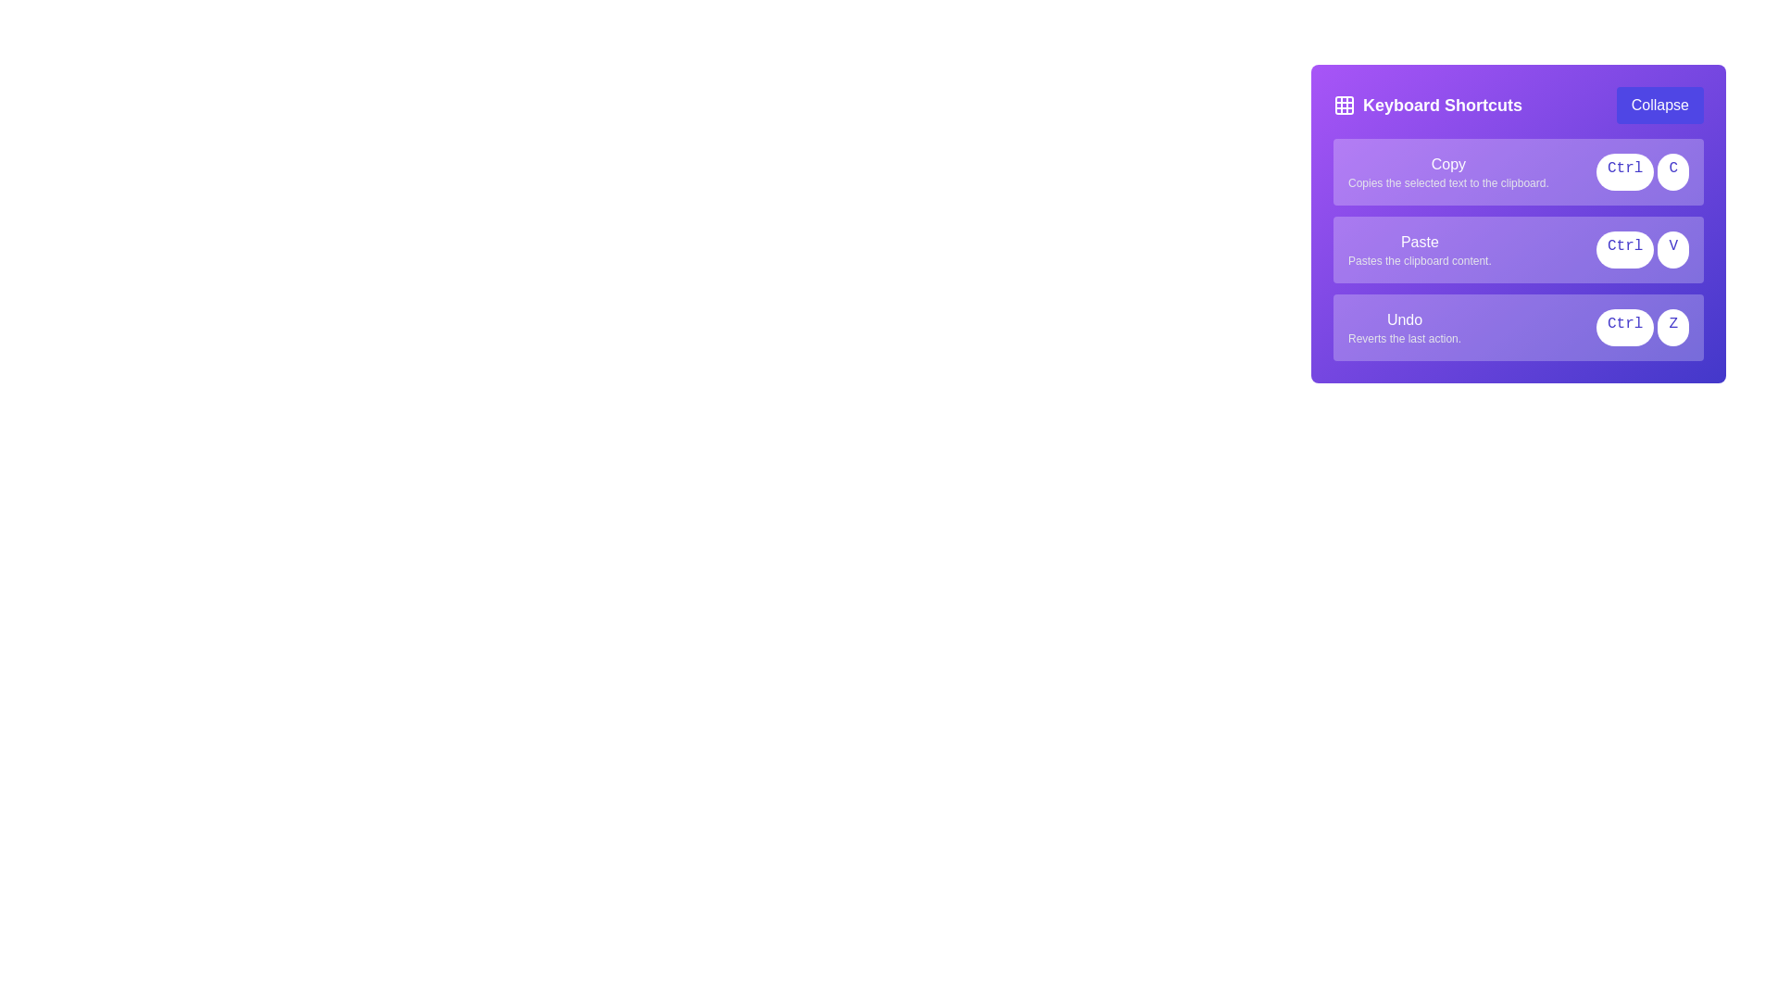 The image size is (1778, 1000). Describe the element at coordinates (1344, 106) in the screenshot. I see `the grid icon with a purple border and red background located next to the 'Keyboard Shortcuts' text for further interaction` at that location.